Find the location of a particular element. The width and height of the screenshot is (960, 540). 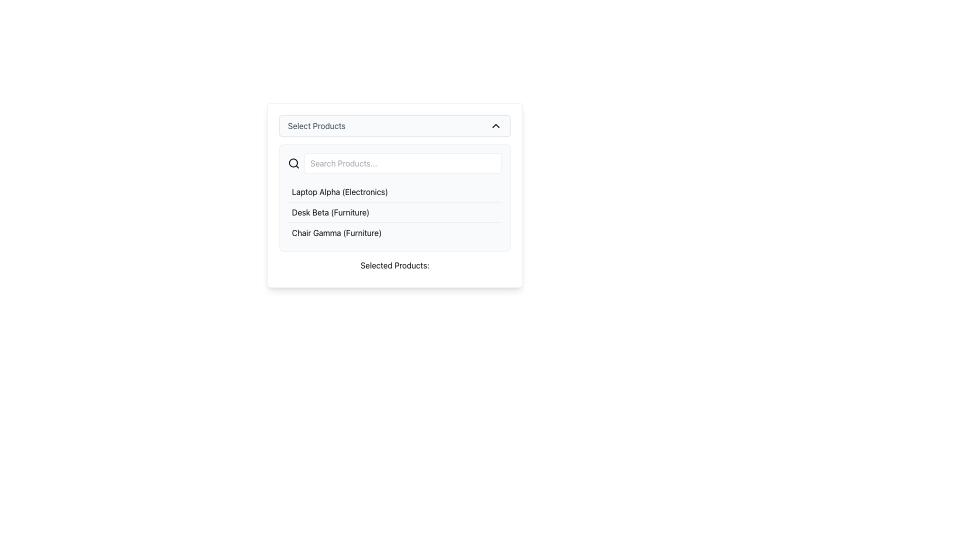

the selectable list item for 'Laptop Alpha' in the dropdown menu is located at coordinates (394, 192).